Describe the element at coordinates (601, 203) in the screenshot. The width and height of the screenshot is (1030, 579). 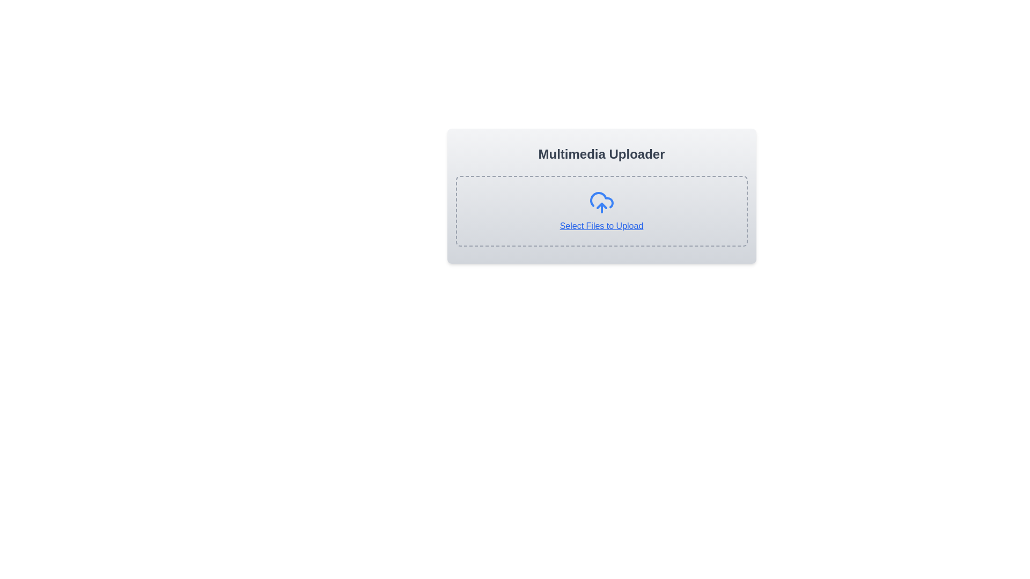
I see `the first cloud-upload icon located within the dashed-bordered box labeled 'Select Files to Upload'` at that location.